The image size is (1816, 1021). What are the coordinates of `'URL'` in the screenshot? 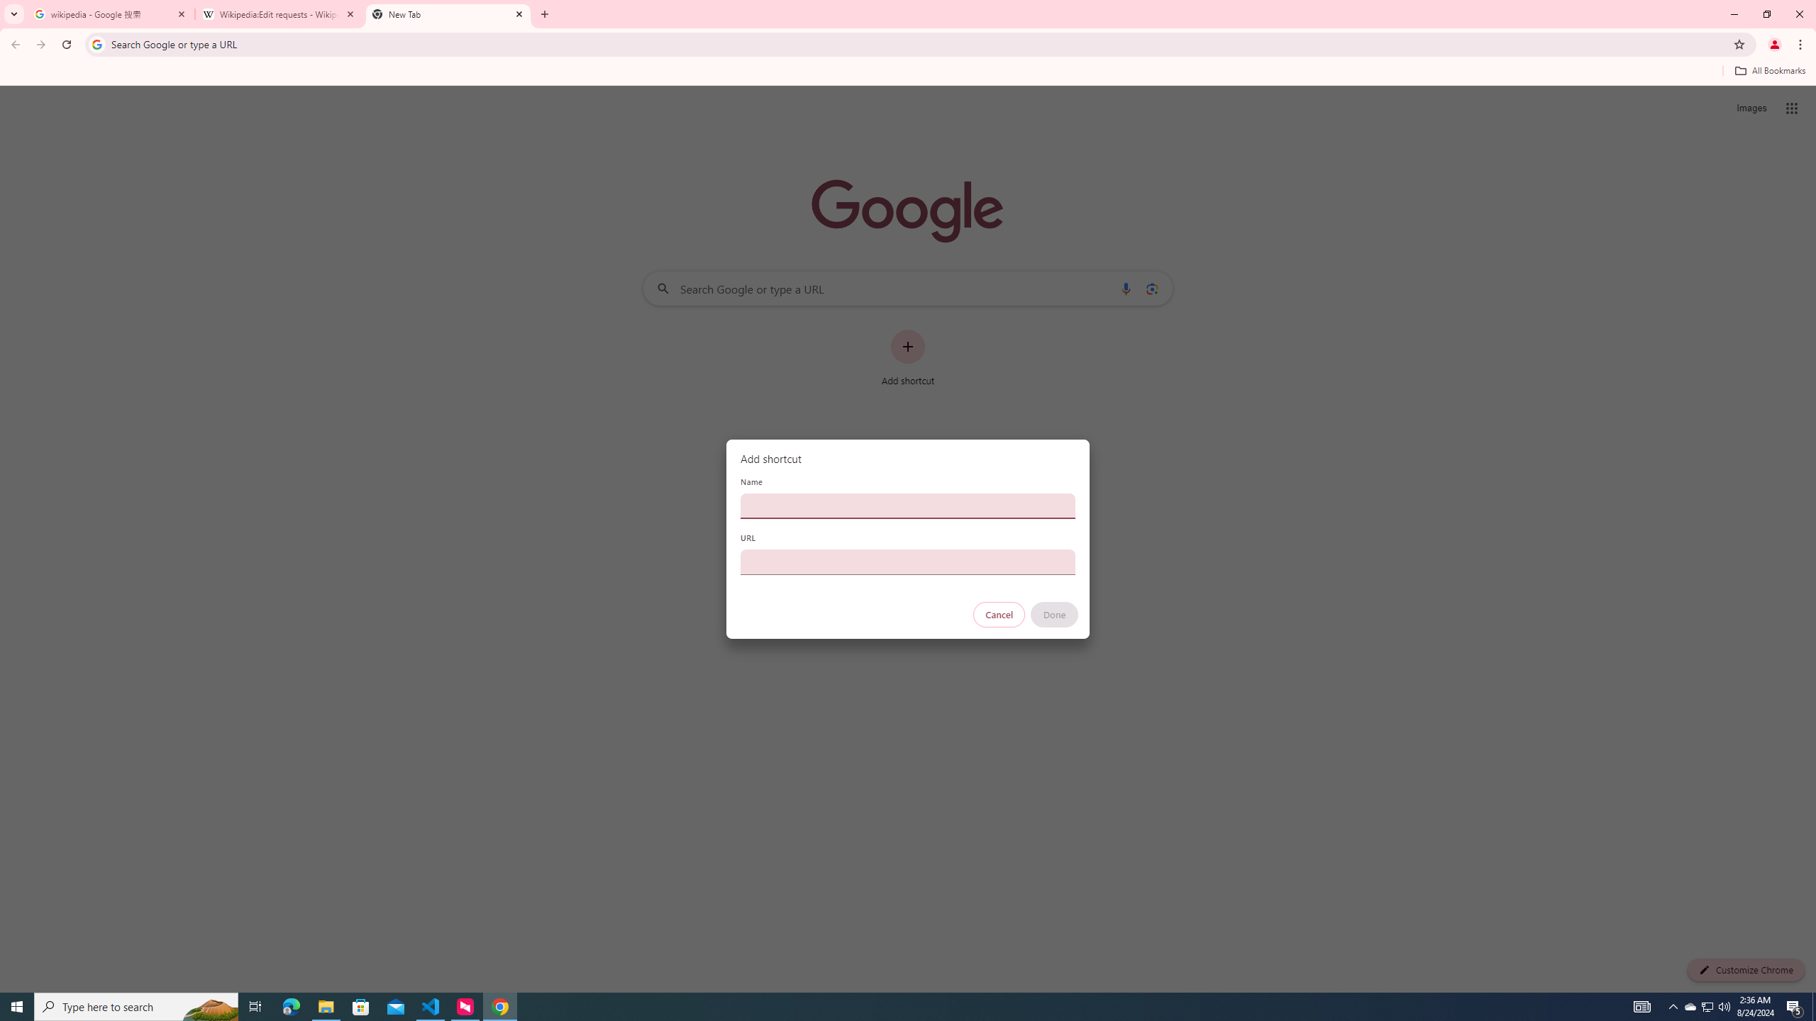 It's located at (908, 562).